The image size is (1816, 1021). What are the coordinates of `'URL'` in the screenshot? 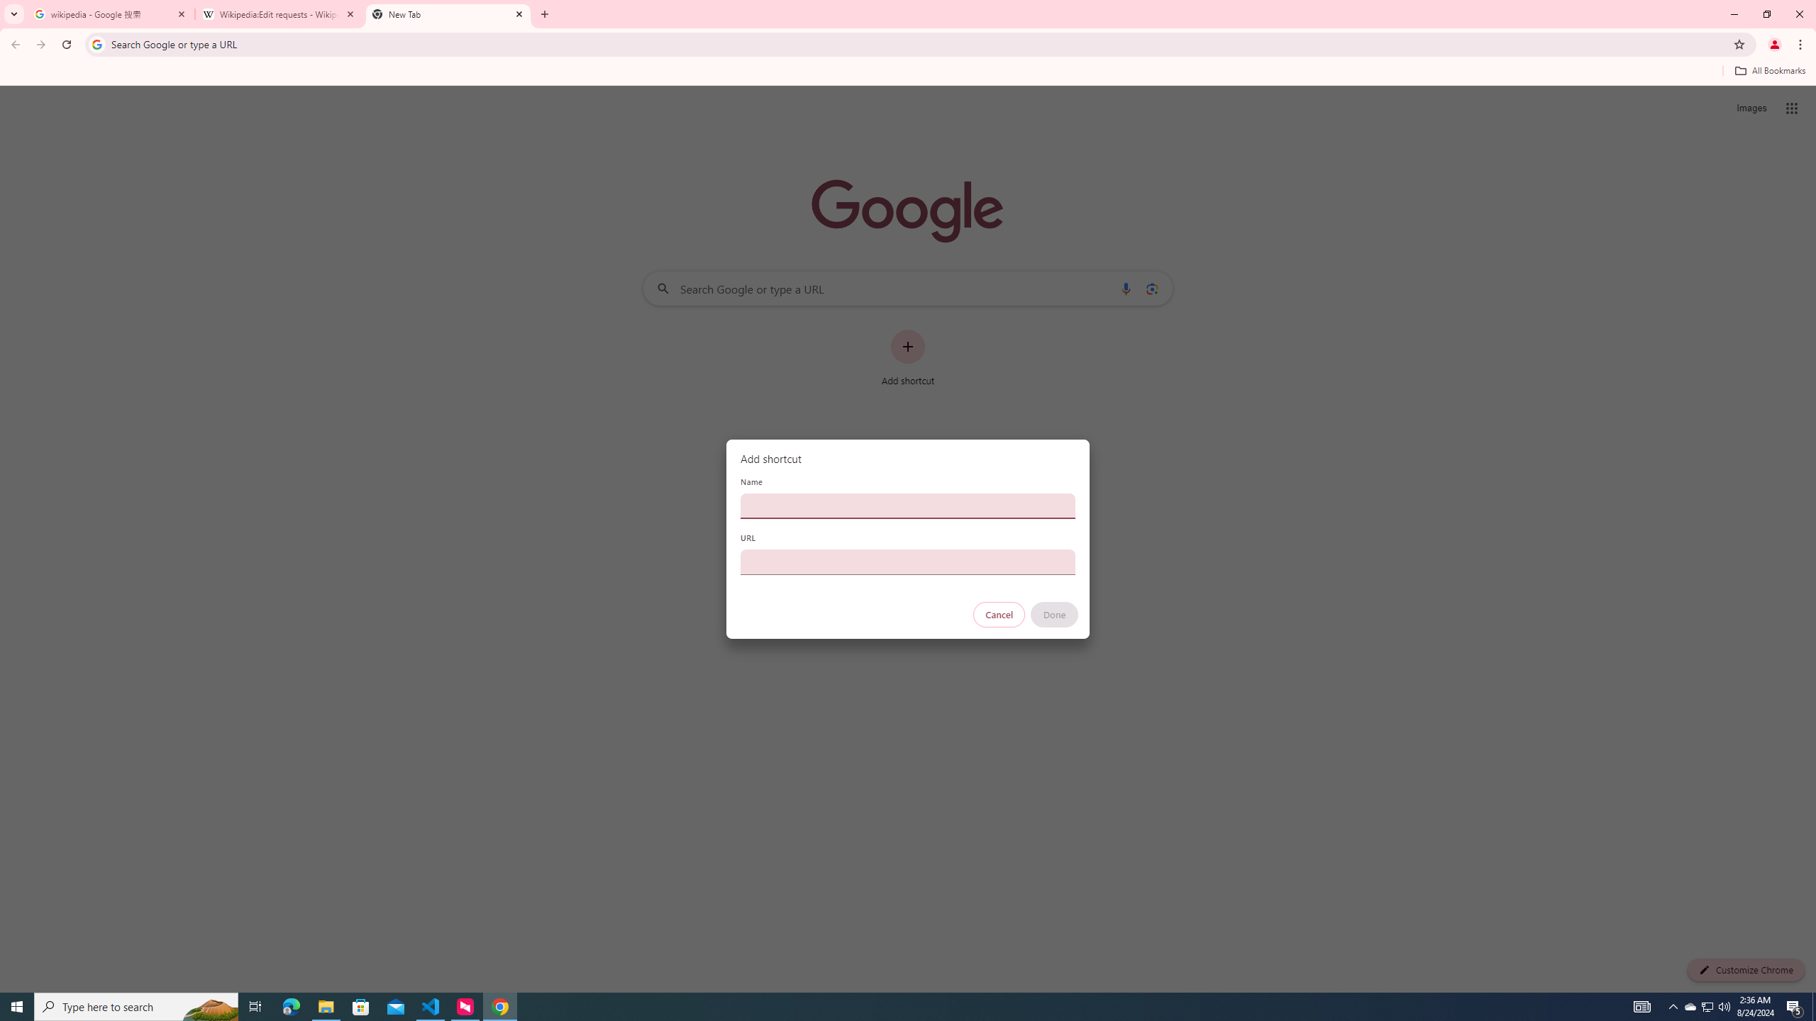 It's located at (908, 562).